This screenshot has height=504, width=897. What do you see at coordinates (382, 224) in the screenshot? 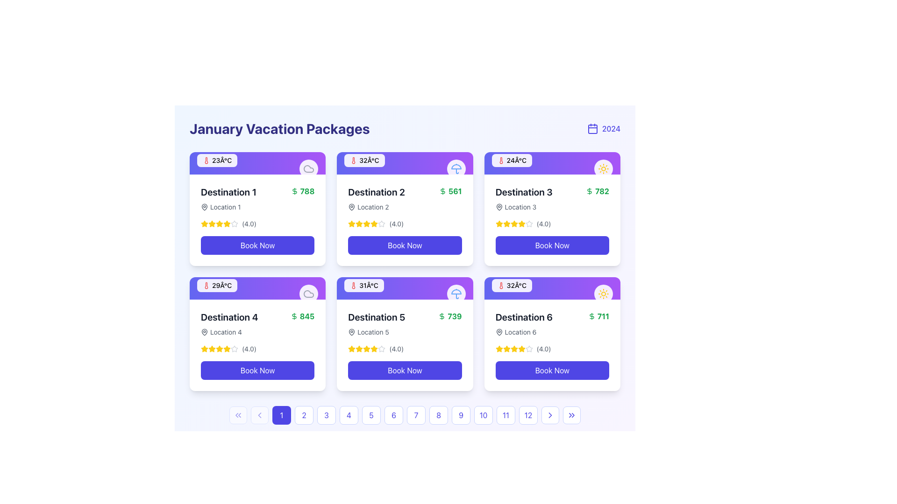
I see `the fifth gray star icon in the rating system located below 'Location 2'` at bounding box center [382, 224].